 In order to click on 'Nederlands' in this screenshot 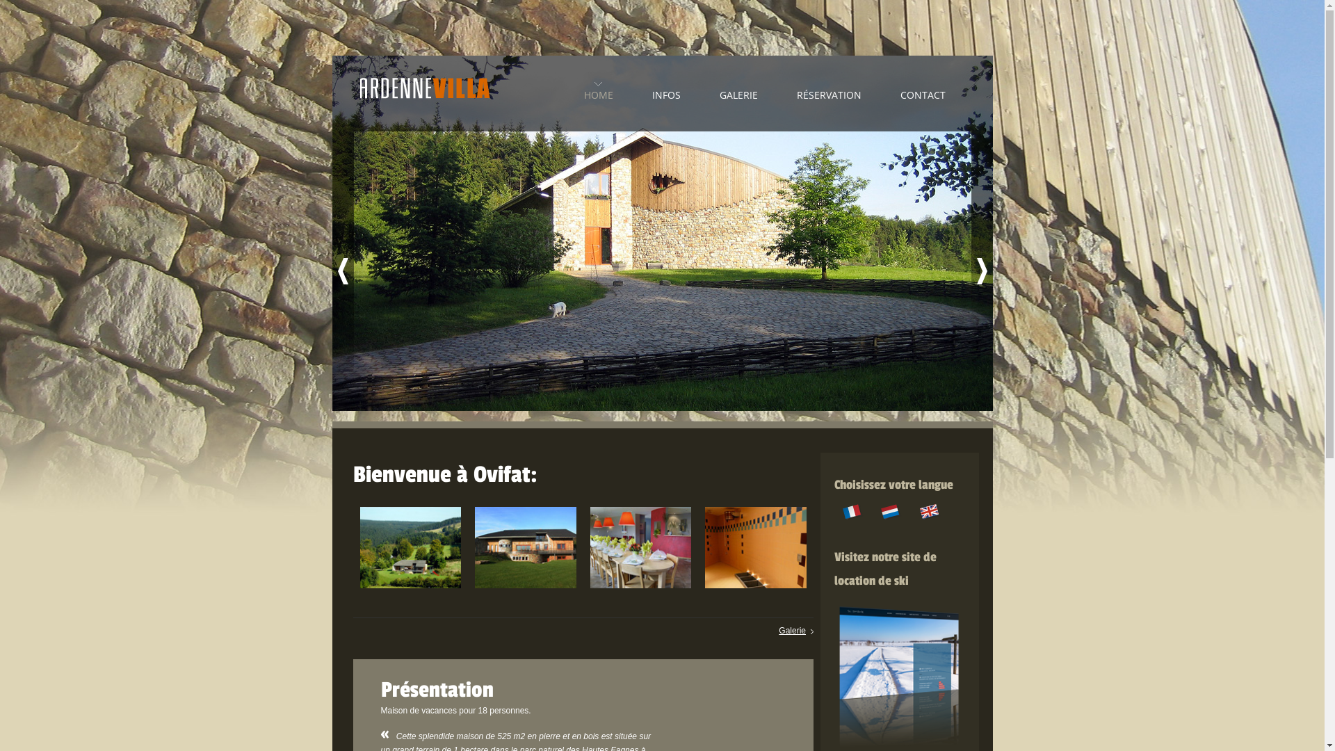, I will do `click(891, 511)`.